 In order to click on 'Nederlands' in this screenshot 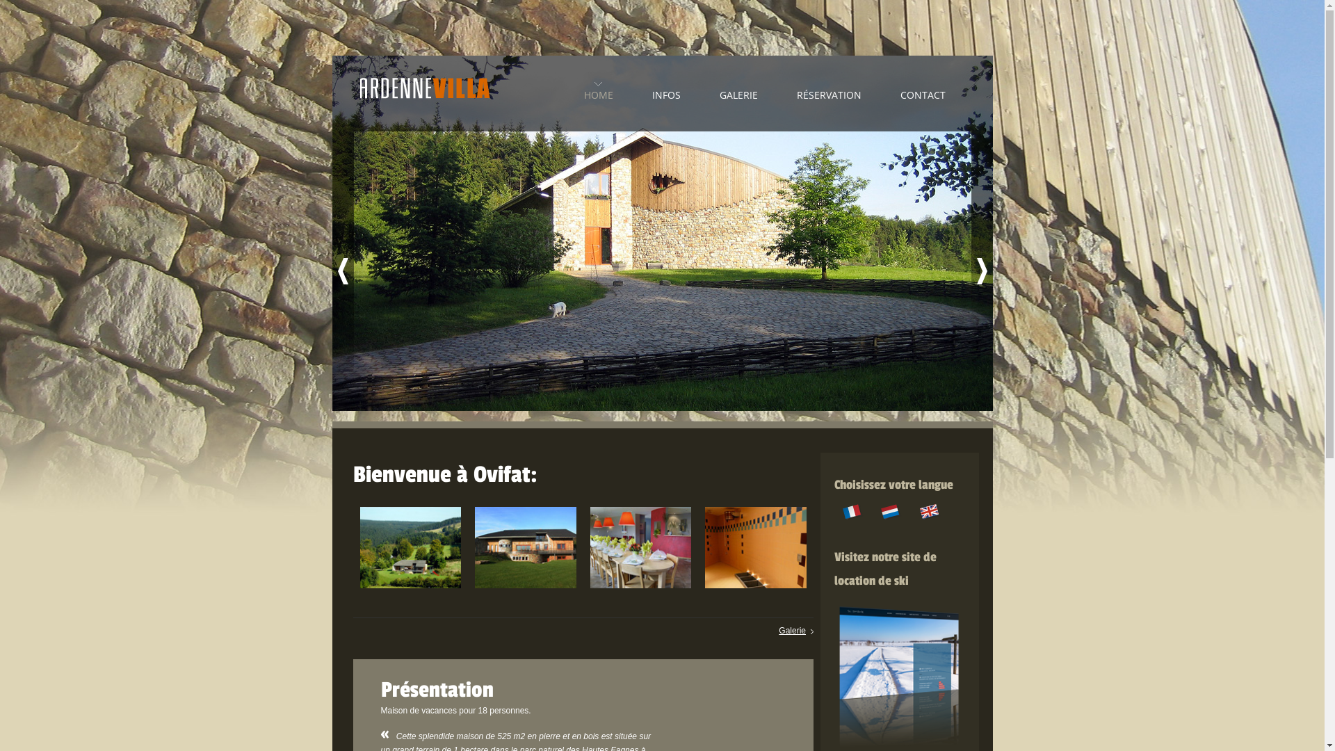, I will do `click(891, 511)`.